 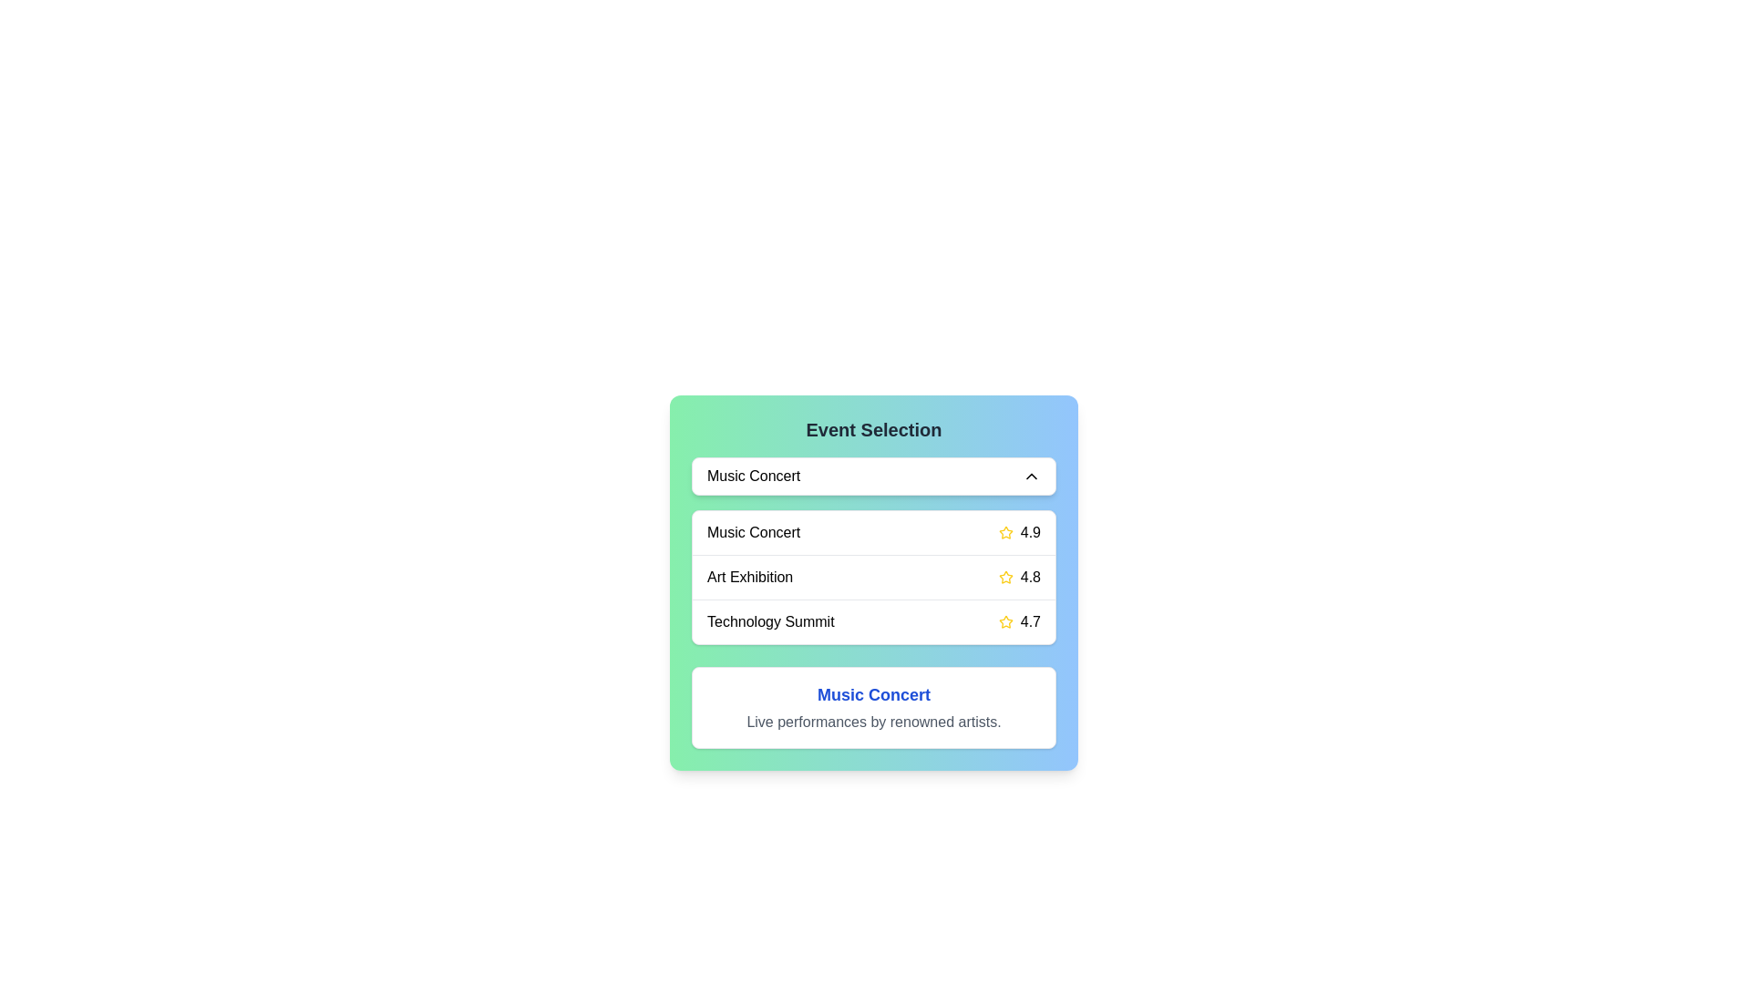 What do you see at coordinates (873, 695) in the screenshot?
I see `title text element that serves as the main heading, positioned above the text 'Live performances by renowned artists.'` at bounding box center [873, 695].